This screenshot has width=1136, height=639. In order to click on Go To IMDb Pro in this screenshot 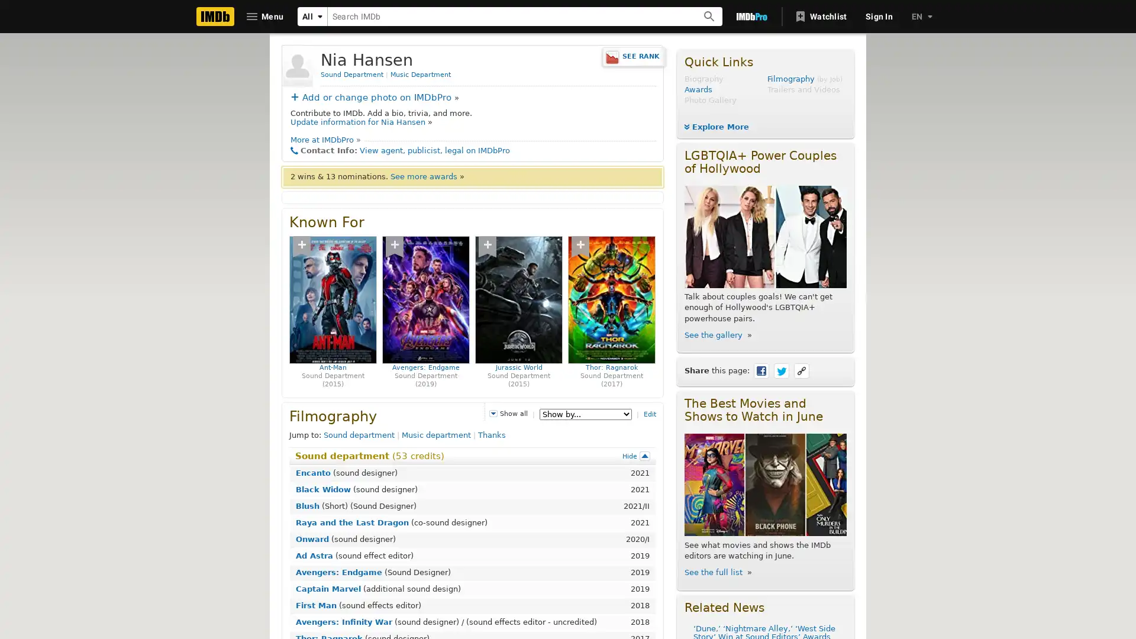, I will do `click(751, 16)`.